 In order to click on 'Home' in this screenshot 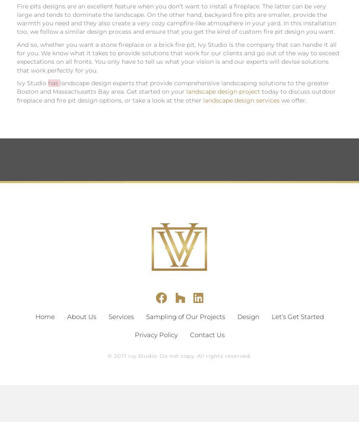, I will do `click(35, 316)`.